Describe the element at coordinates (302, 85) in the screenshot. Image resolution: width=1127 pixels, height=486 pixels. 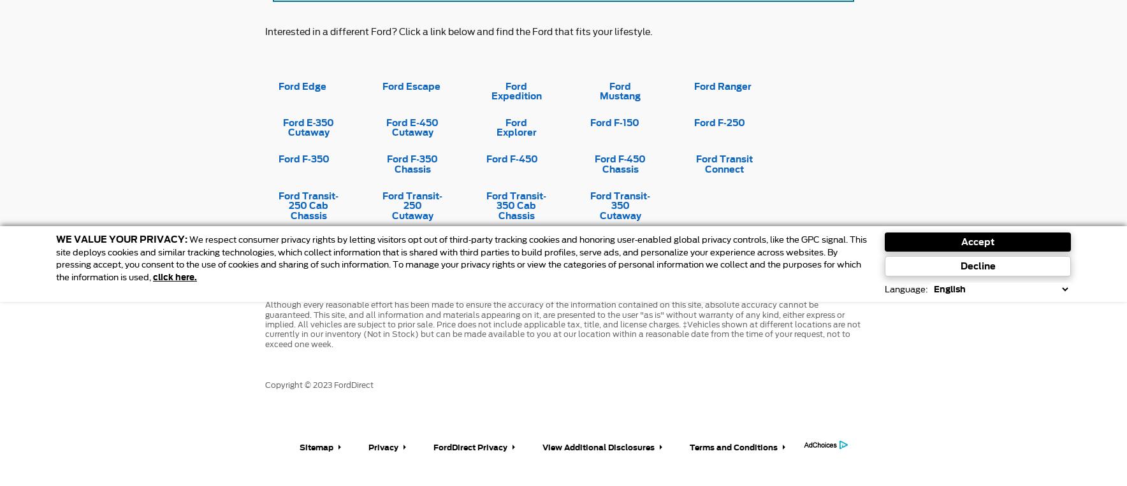
I see `'Ford Edge'` at that location.